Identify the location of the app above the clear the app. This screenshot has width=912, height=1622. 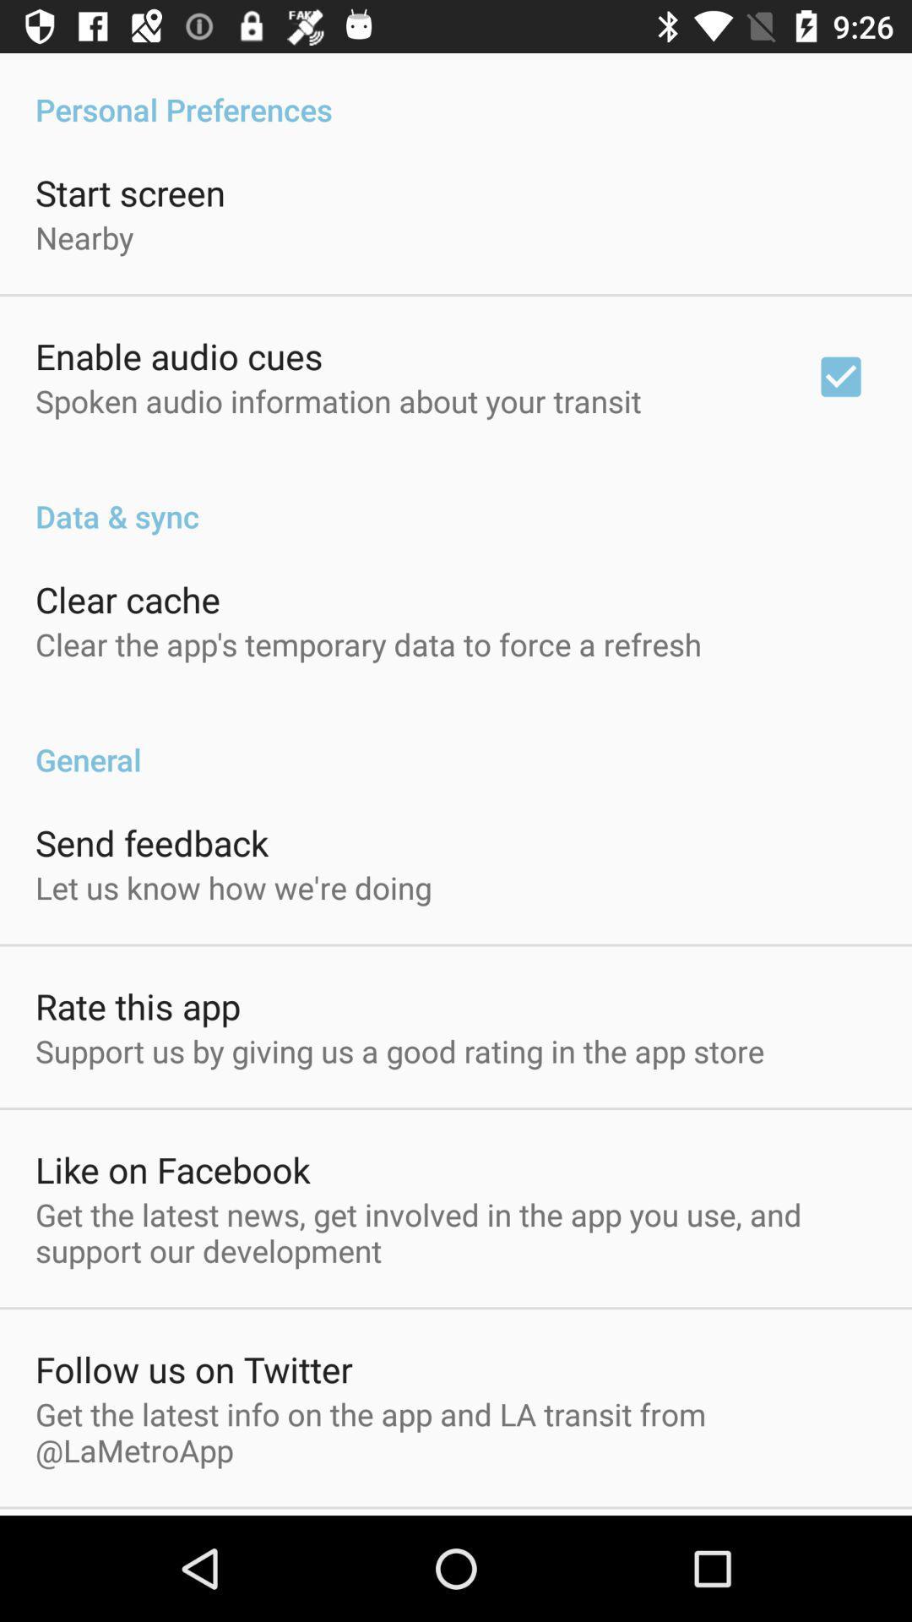
(127, 599).